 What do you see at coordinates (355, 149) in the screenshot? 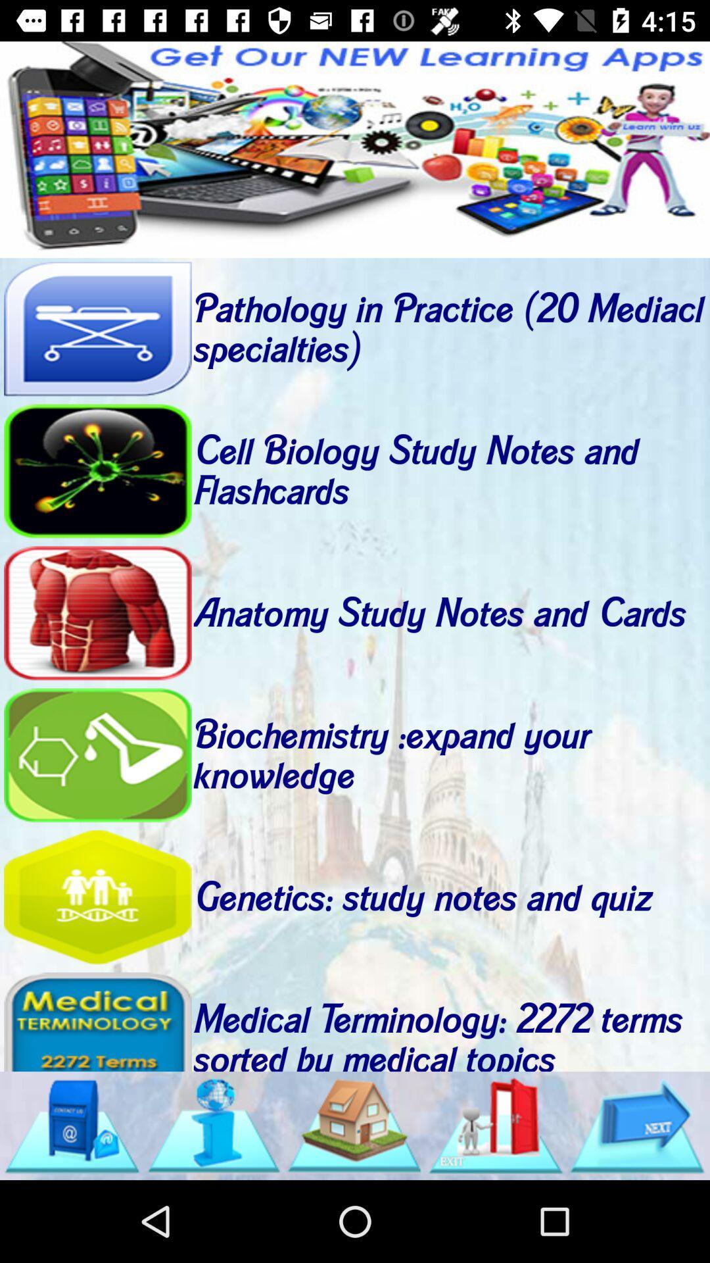
I see `our learning apps` at bounding box center [355, 149].